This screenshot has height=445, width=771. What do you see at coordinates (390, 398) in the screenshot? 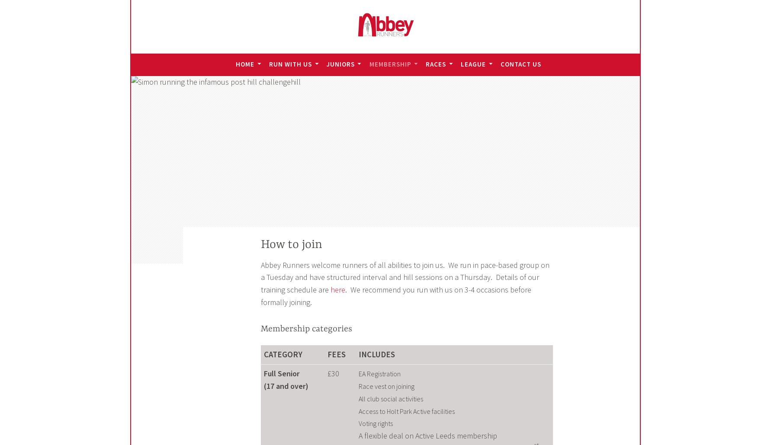
I see `'All club social activities'` at bounding box center [390, 398].